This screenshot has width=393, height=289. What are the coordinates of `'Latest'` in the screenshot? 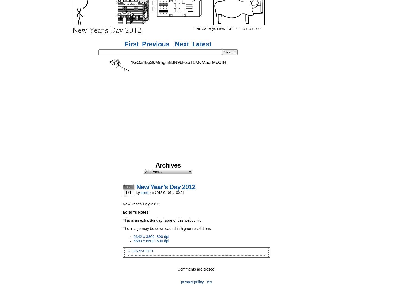 It's located at (202, 44).